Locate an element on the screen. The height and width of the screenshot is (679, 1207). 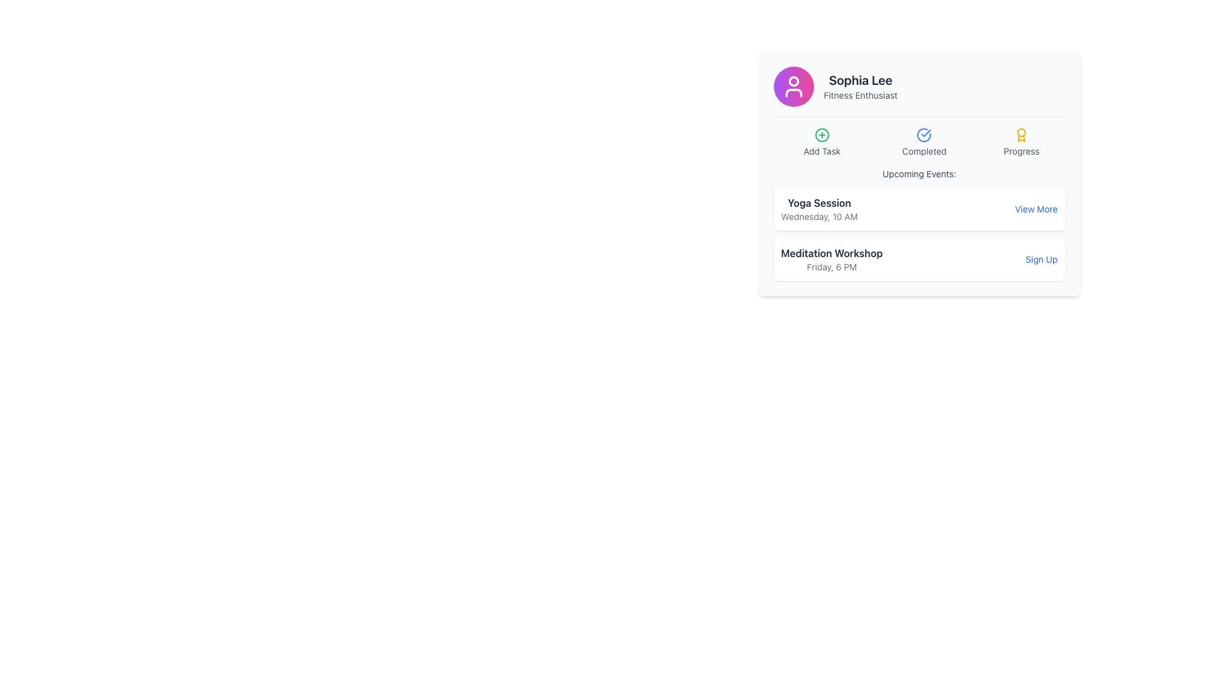
the 'Yoga Session' static text, which is the upper text within a vertically stacked pair in the 'Upcoming Events' card is located at coordinates (819, 202).